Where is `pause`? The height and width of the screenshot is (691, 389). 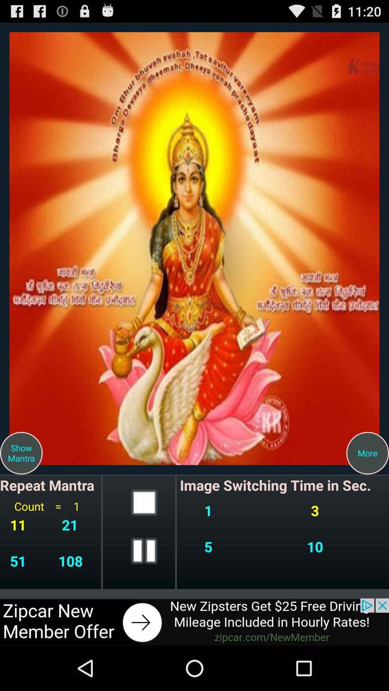
pause is located at coordinates (144, 550).